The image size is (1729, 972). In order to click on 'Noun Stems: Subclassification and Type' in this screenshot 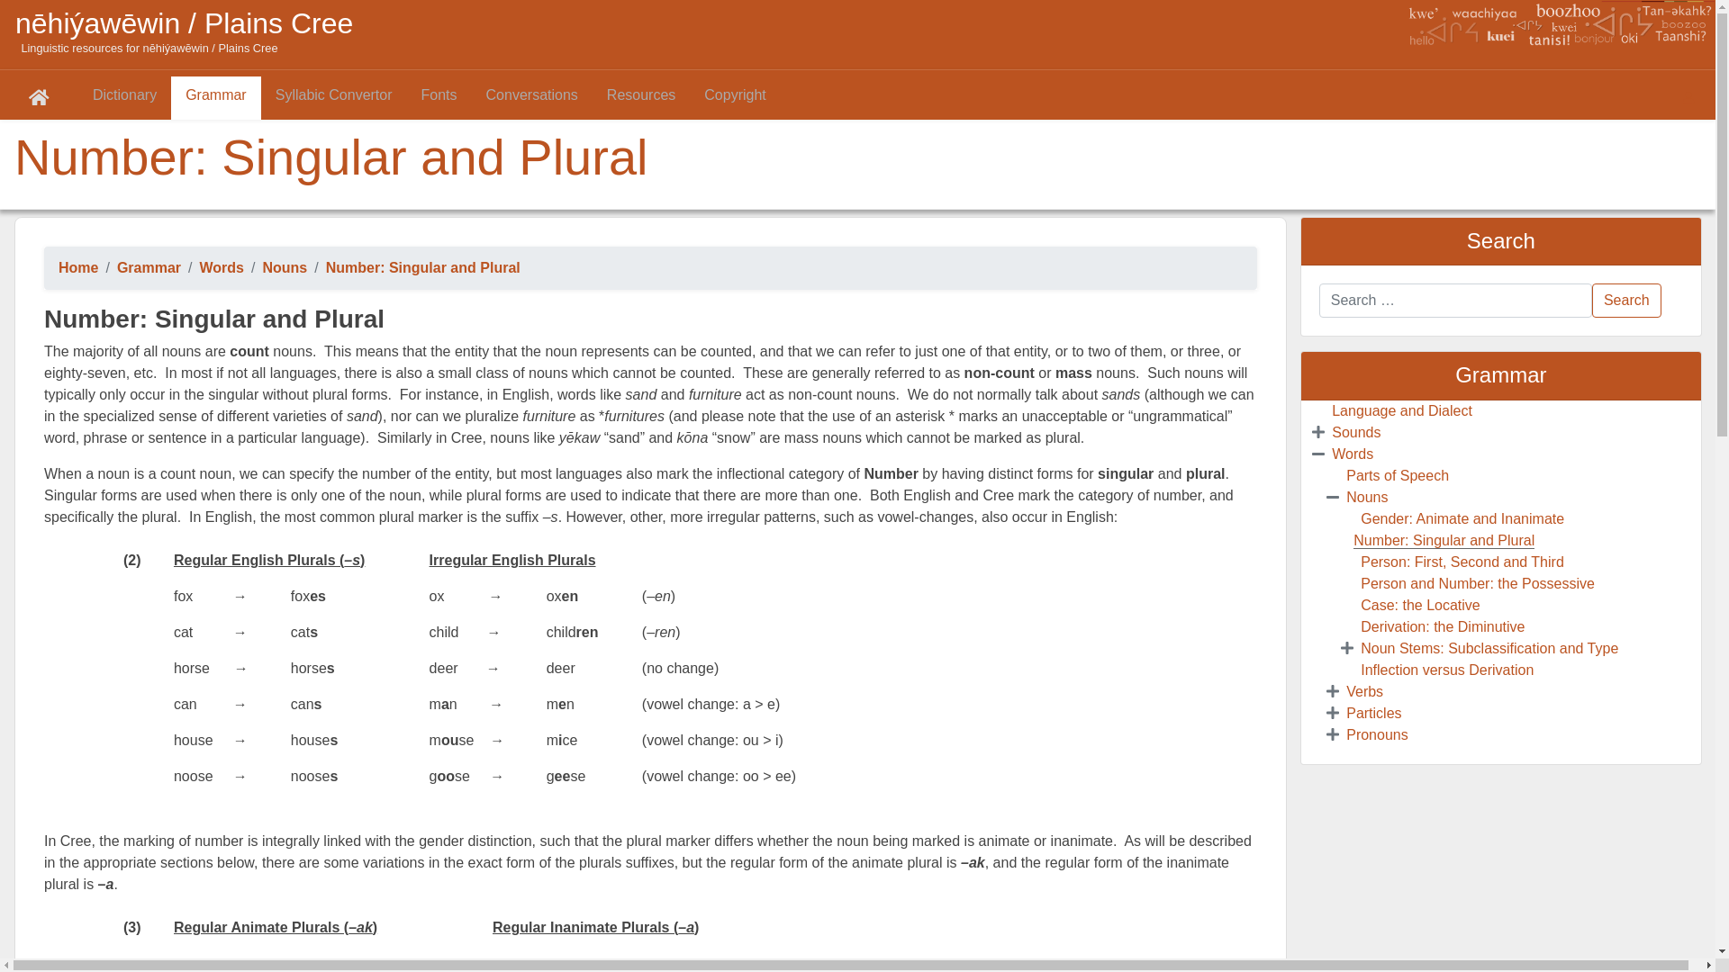, I will do `click(1489, 648)`.